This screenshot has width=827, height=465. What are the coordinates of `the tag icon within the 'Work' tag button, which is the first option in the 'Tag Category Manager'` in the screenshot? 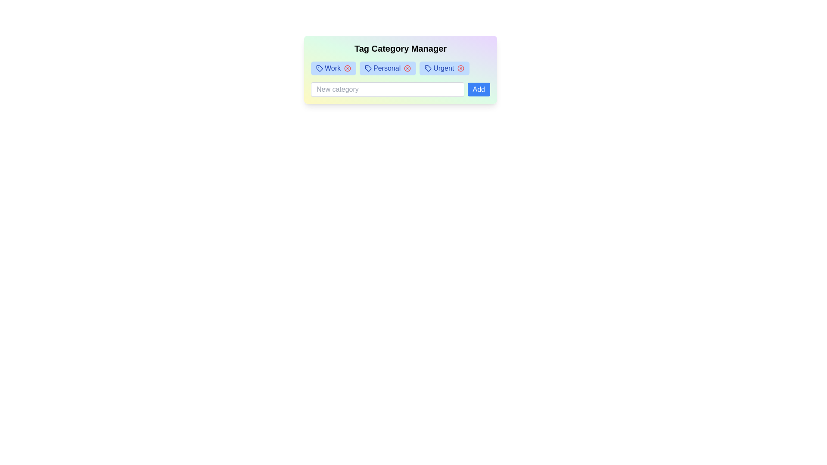 It's located at (319, 68).